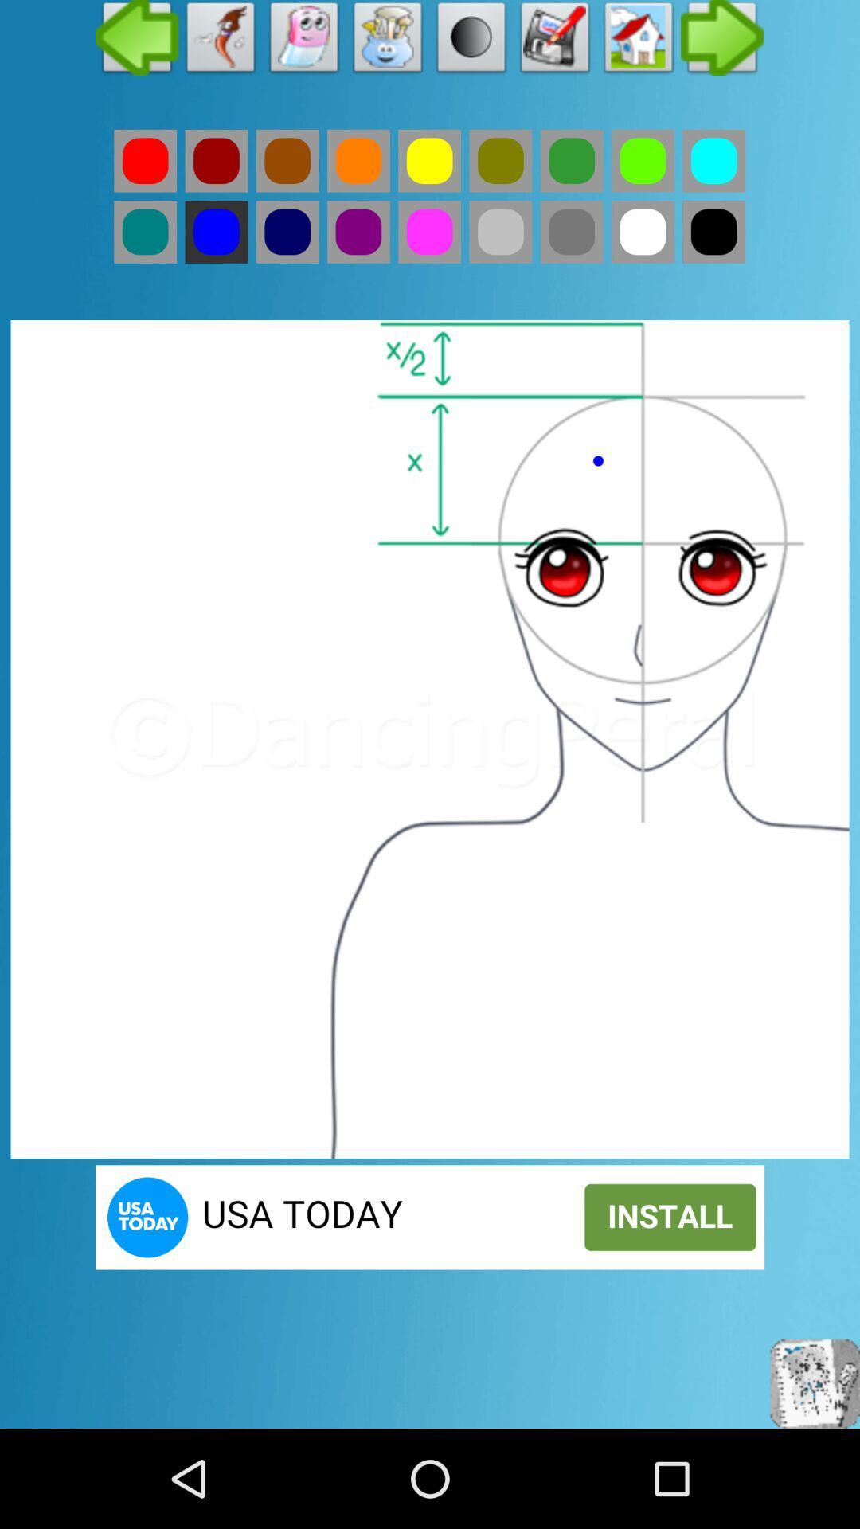 Image resolution: width=860 pixels, height=1529 pixels. What do you see at coordinates (430, 1216) in the screenshot?
I see `for the adversiment` at bounding box center [430, 1216].